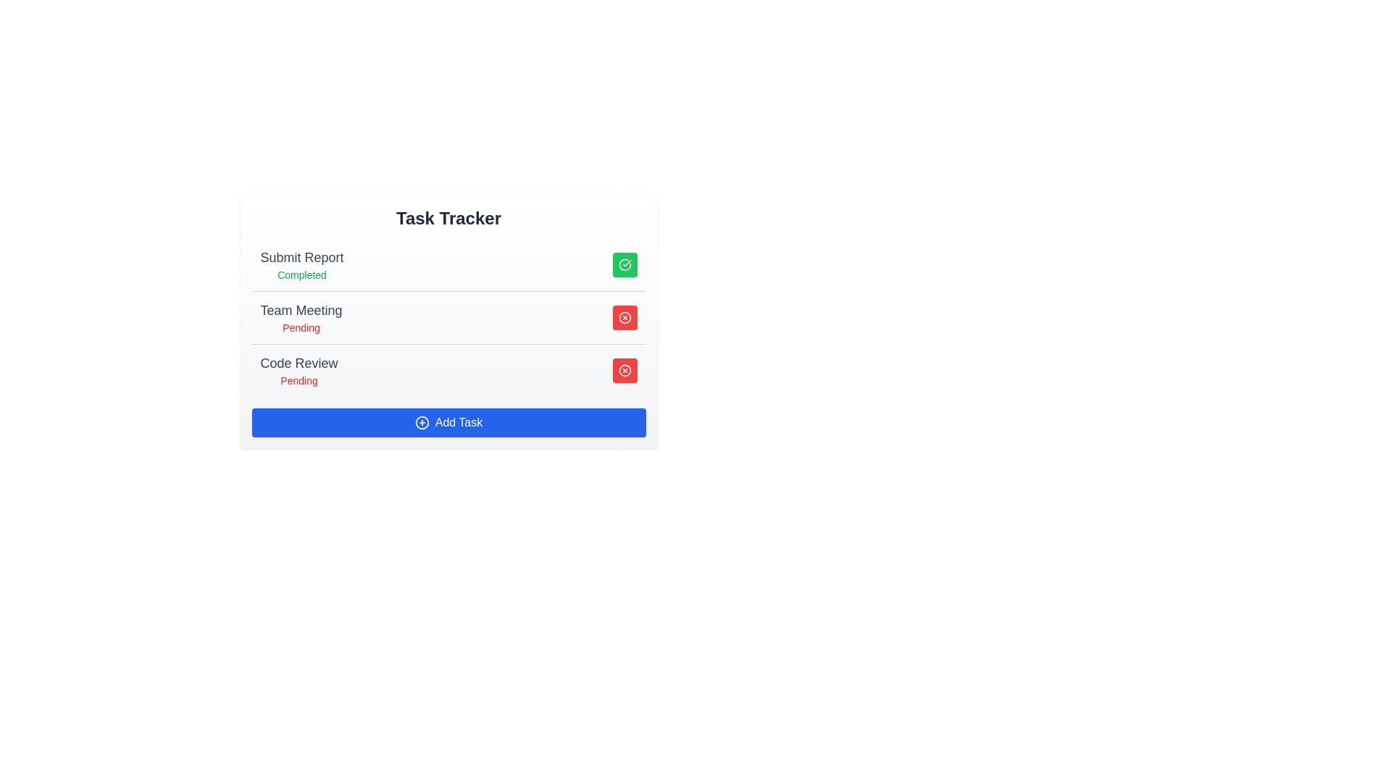 Image resolution: width=1391 pixels, height=782 pixels. Describe the element at coordinates (448, 218) in the screenshot. I see `the header text label of the task management interface` at that location.